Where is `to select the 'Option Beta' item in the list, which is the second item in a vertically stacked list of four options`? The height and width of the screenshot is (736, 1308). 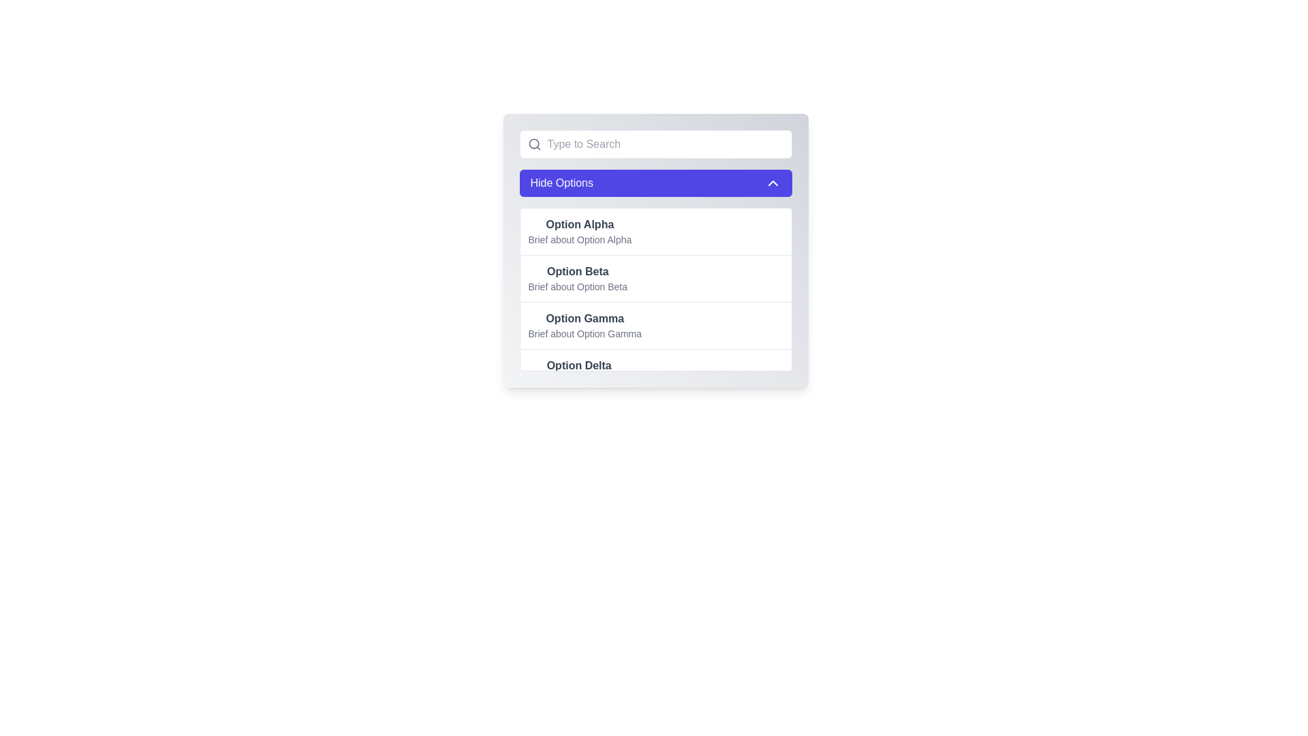
to select the 'Option Beta' item in the list, which is the second item in a vertically stacked list of four options is located at coordinates (655, 277).